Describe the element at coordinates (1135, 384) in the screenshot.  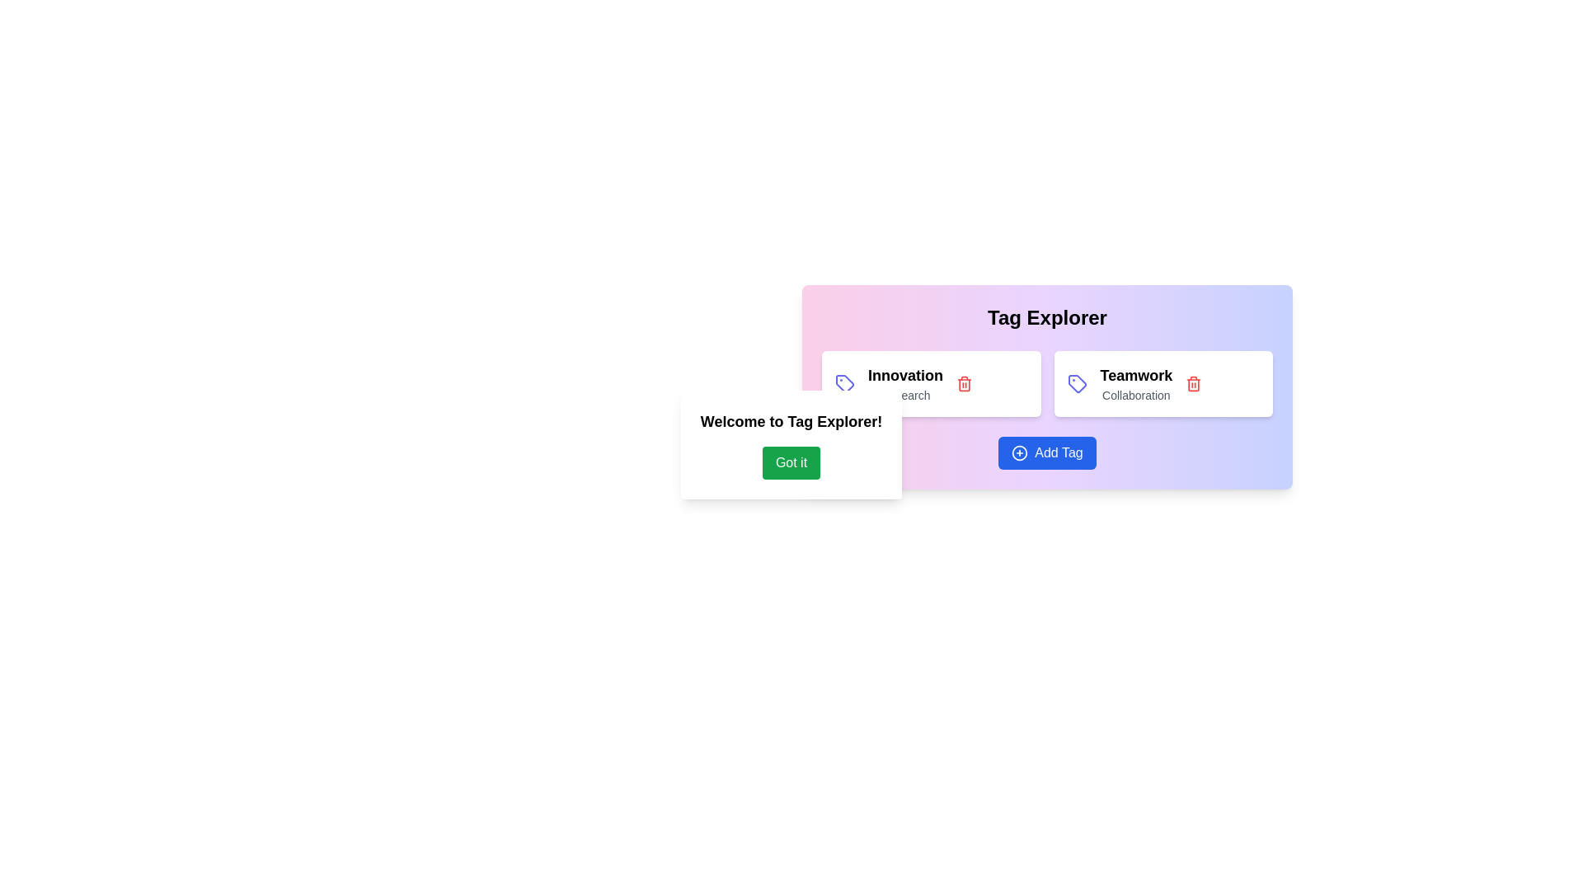
I see `the 'Teamwork' text label` at that location.